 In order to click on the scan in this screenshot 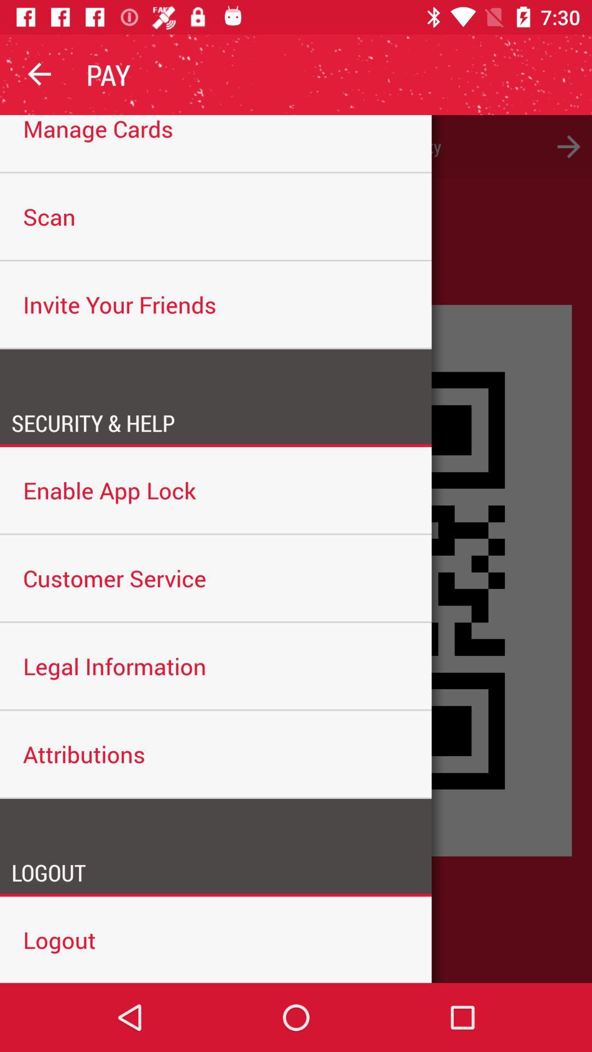, I will do `click(215, 216)`.